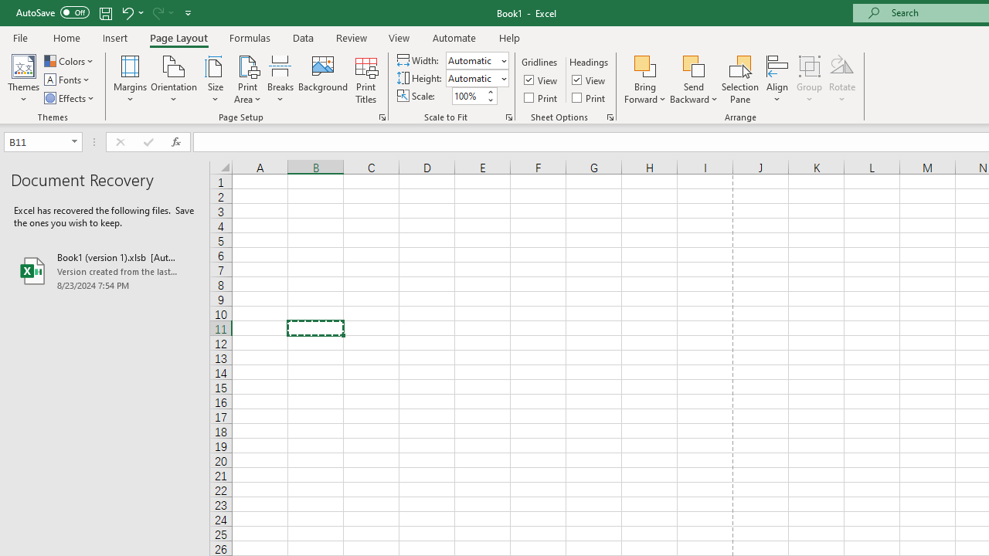  What do you see at coordinates (53, 12) in the screenshot?
I see `'AutoSave'` at bounding box center [53, 12].